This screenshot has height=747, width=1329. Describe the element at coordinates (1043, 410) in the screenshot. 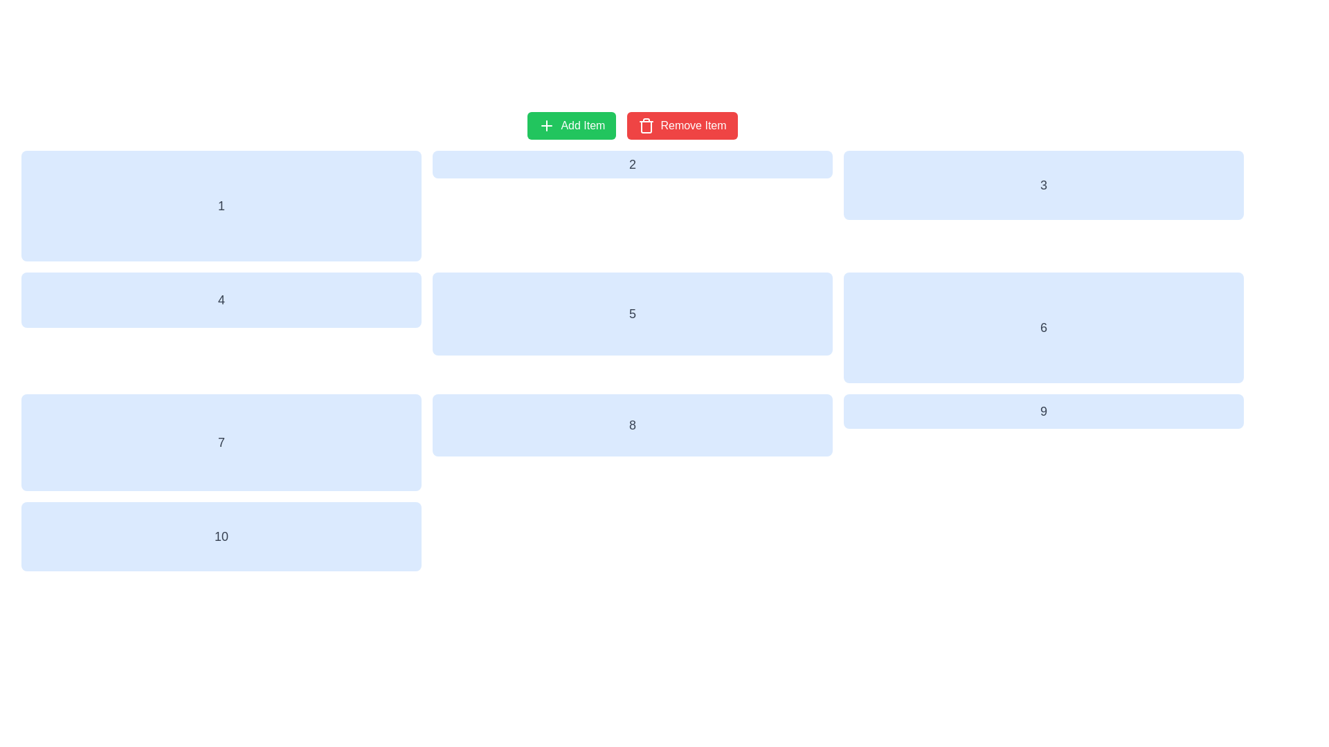

I see `the text label displaying the numeral '9', located in the blue rectangular block in the second row on the right side of the layout, directly below the block labeled '6'` at that location.